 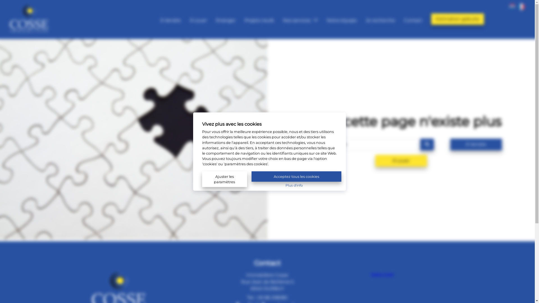 I want to click on 'Projets neufs', so click(x=259, y=19).